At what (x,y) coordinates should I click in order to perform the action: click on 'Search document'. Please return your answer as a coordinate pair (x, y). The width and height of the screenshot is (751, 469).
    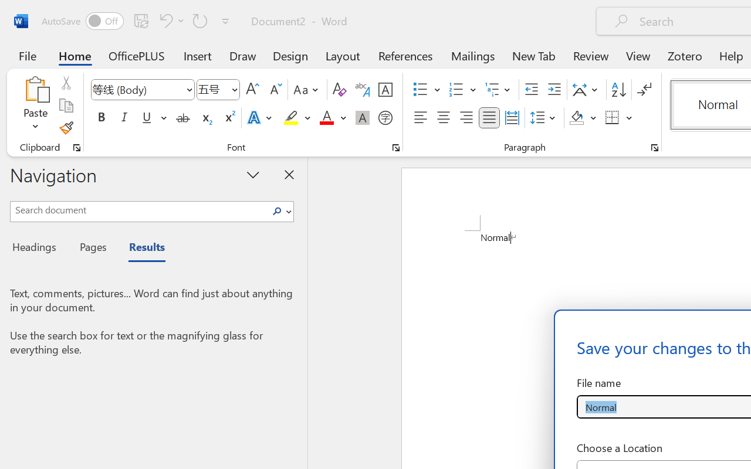
    Looking at the image, I should click on (139, 210).